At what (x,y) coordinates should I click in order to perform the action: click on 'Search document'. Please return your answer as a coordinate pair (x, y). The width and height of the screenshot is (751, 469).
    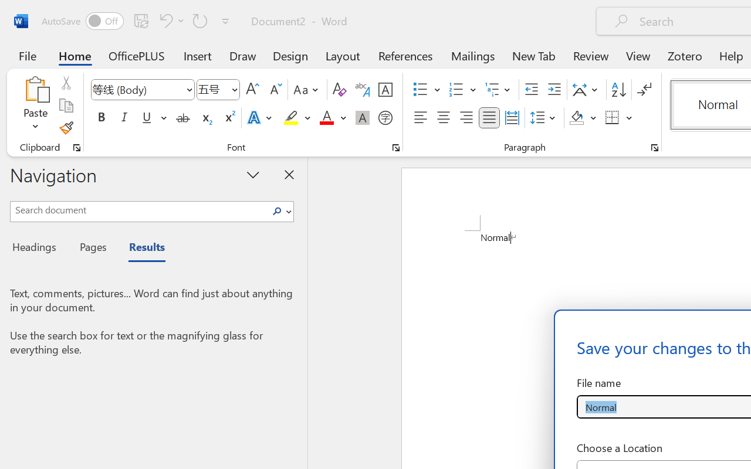
    Looking at the image, I should click on (139, 210).